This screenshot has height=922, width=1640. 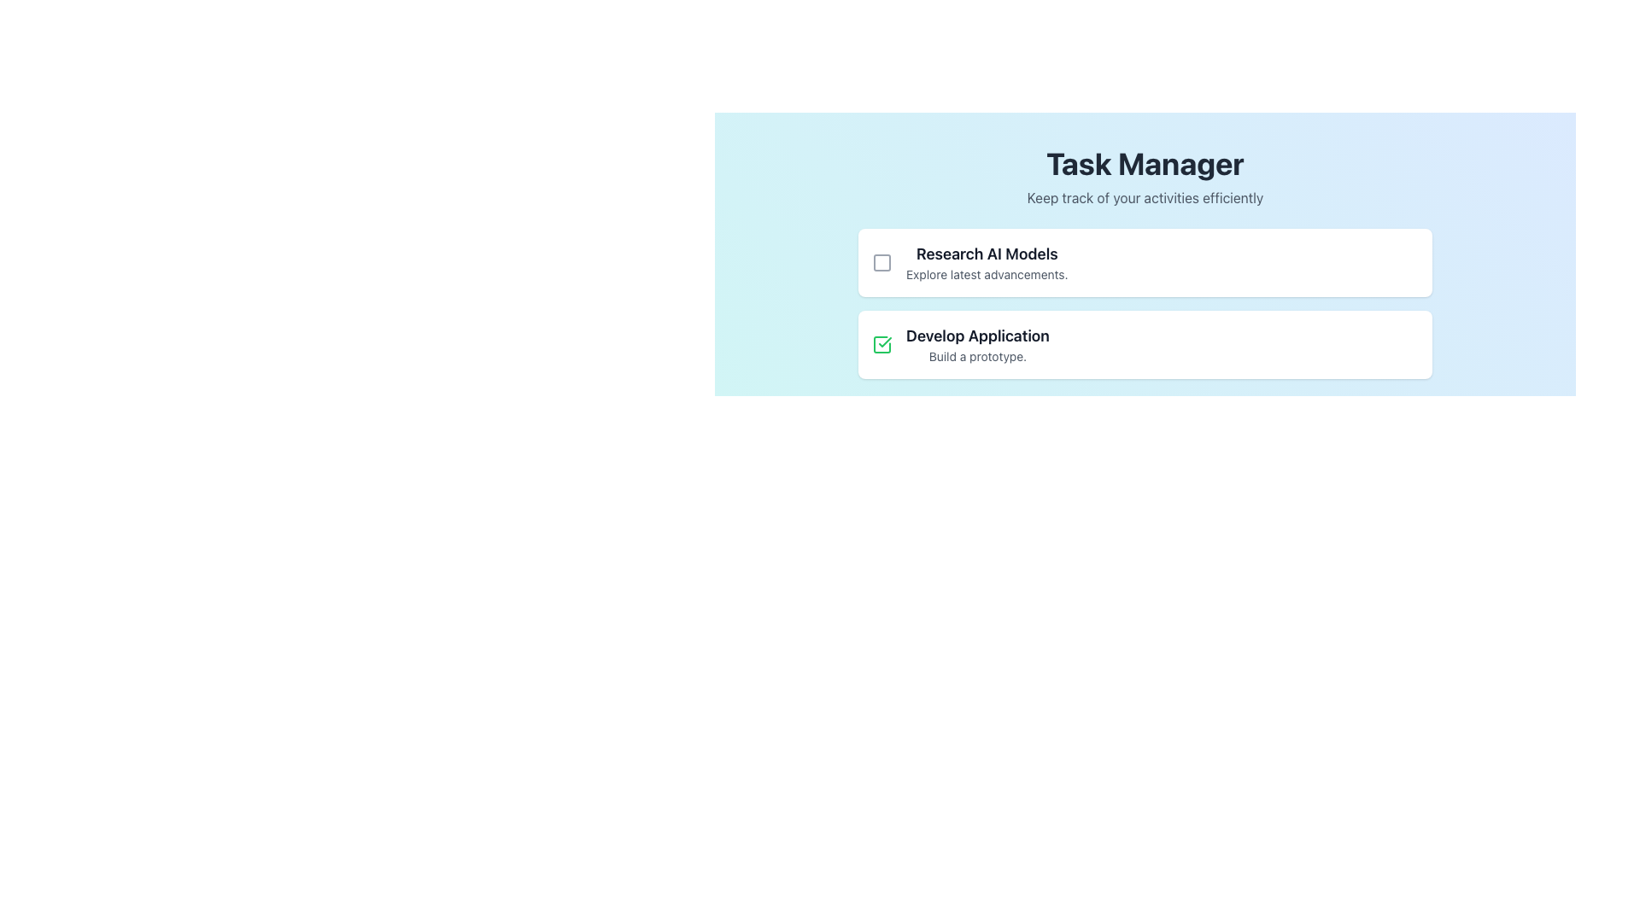 What do you see at coordinates (987, 263) in the screenshot?
I see `title 'Research AI Models' and subtitle 'Explore latest advancements.' from the textual content component located in the upper part of the content section beneath the 'Task Manager' header` at bounding box center [987, 263].